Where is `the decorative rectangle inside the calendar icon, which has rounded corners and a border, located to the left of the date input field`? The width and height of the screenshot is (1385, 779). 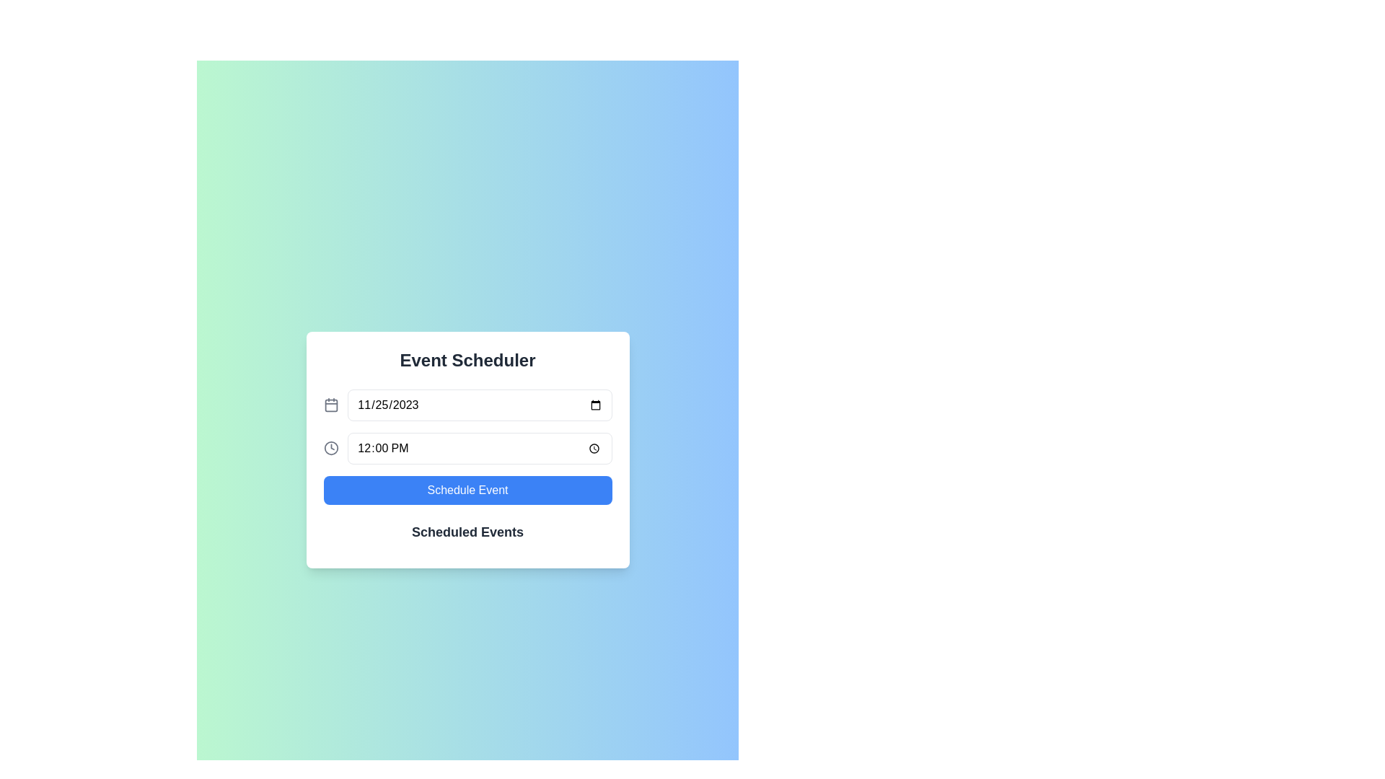 the decorative rectangle inside the calendar icon, which has rounded corners and a border, located to the left of the date input field is located at coordinates (330, 405).